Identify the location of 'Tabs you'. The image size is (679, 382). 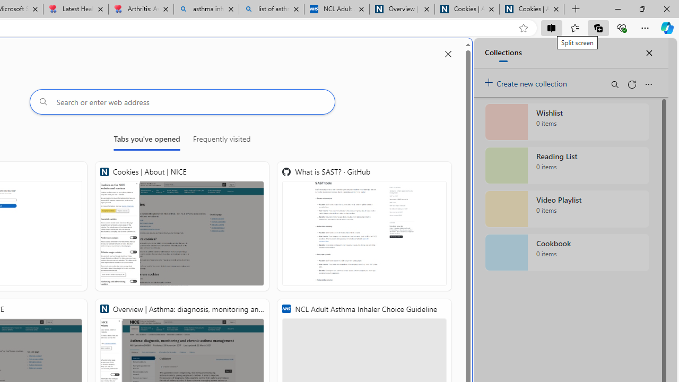
(146, 141).